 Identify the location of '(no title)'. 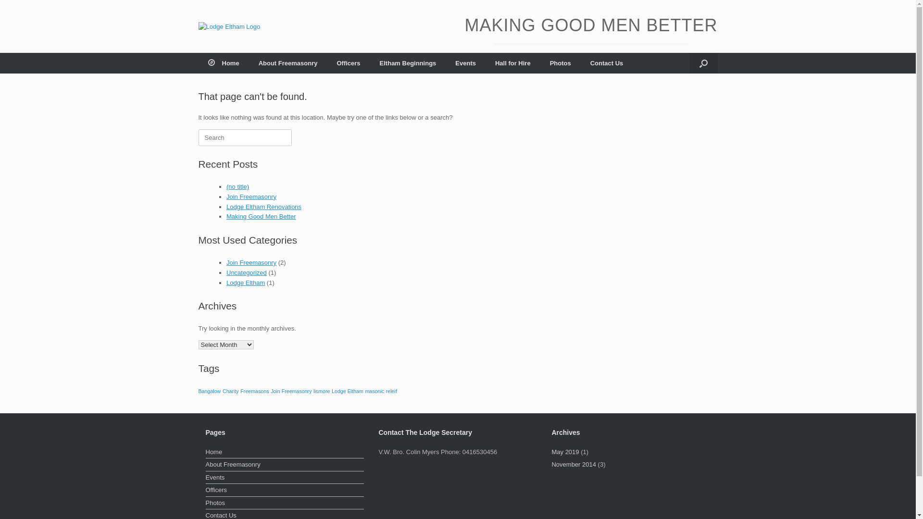
(237, 186).